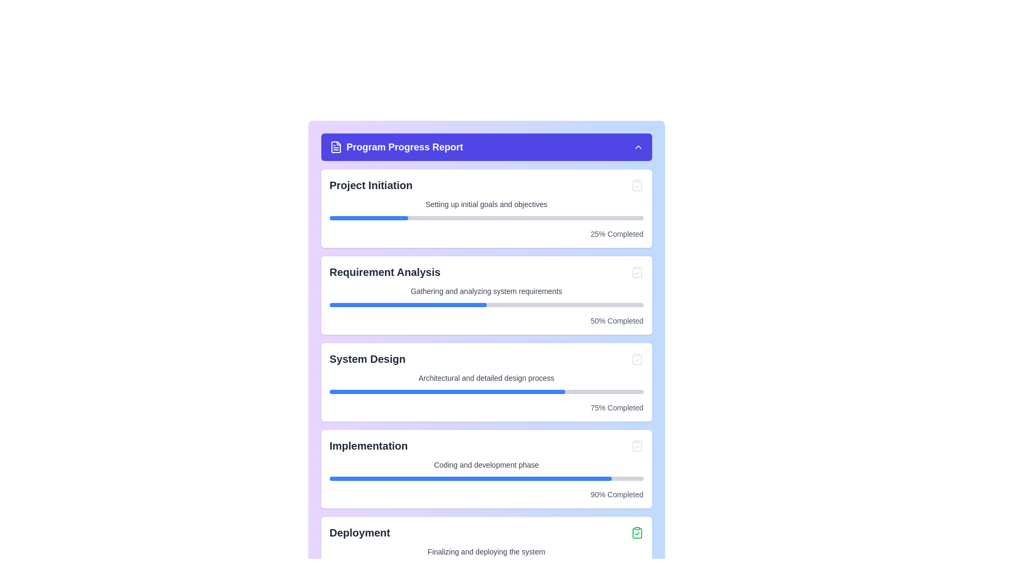 This screenshot has height=572, width=1018. Describe the element at coordinates (368, 445) in the screenshot. I see `the text label indicating the 'Implementation' phase title, which is centered at the bottom of the card representing the 'Implementation' stage` at that location.